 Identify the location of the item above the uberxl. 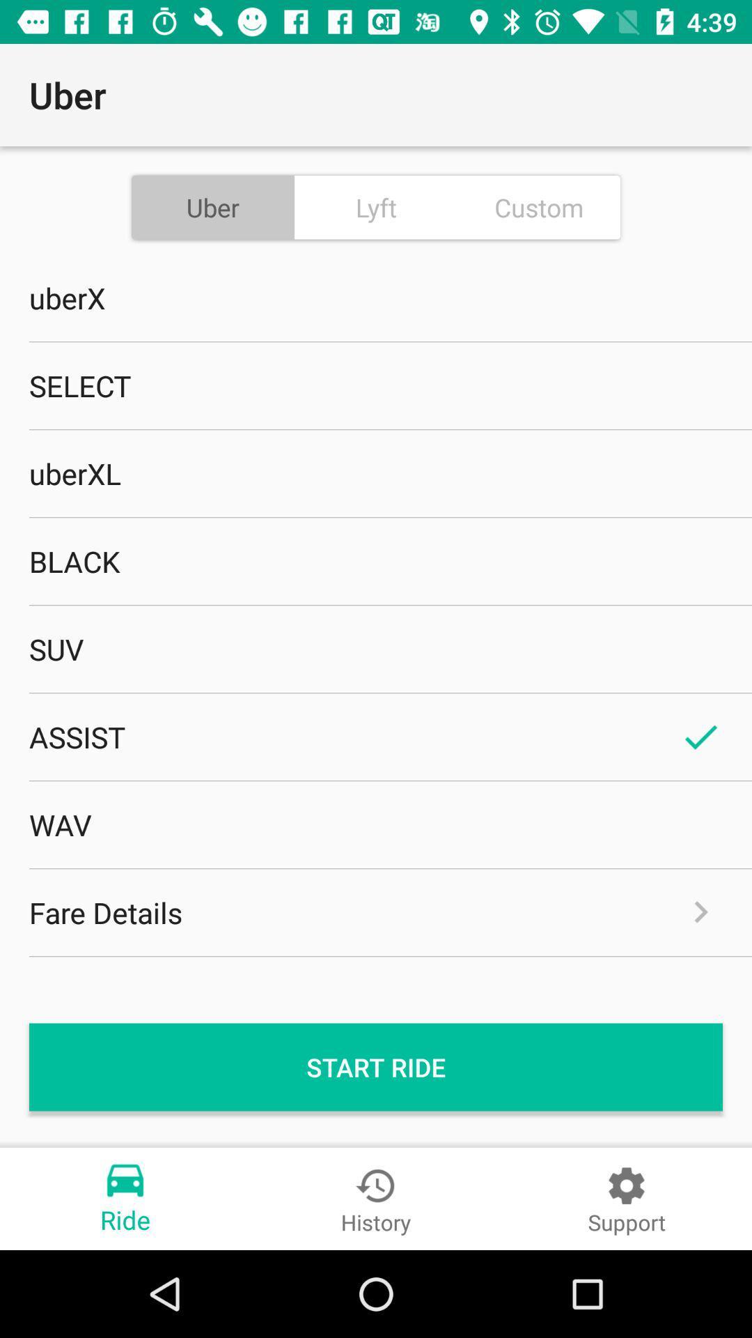
(376, 385).